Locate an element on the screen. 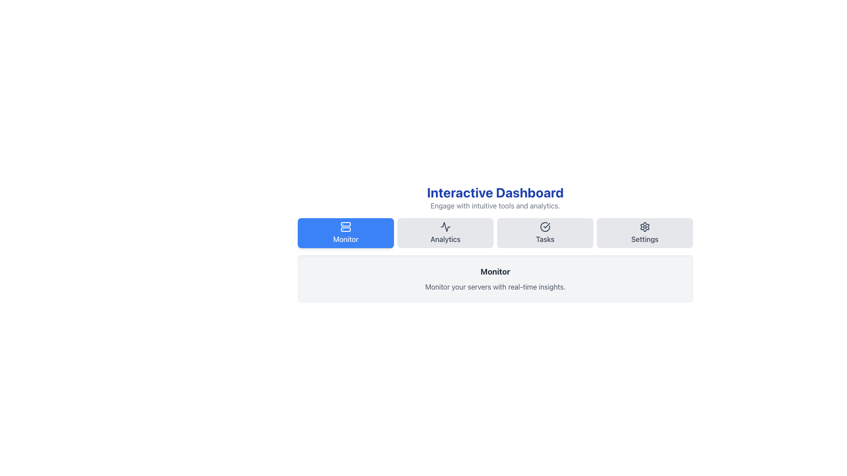 This screenshot has height=476, width=847. text label identifying the analytics functionality in the navigation menu, located below the graph icon is located at coordinates (445, 239).